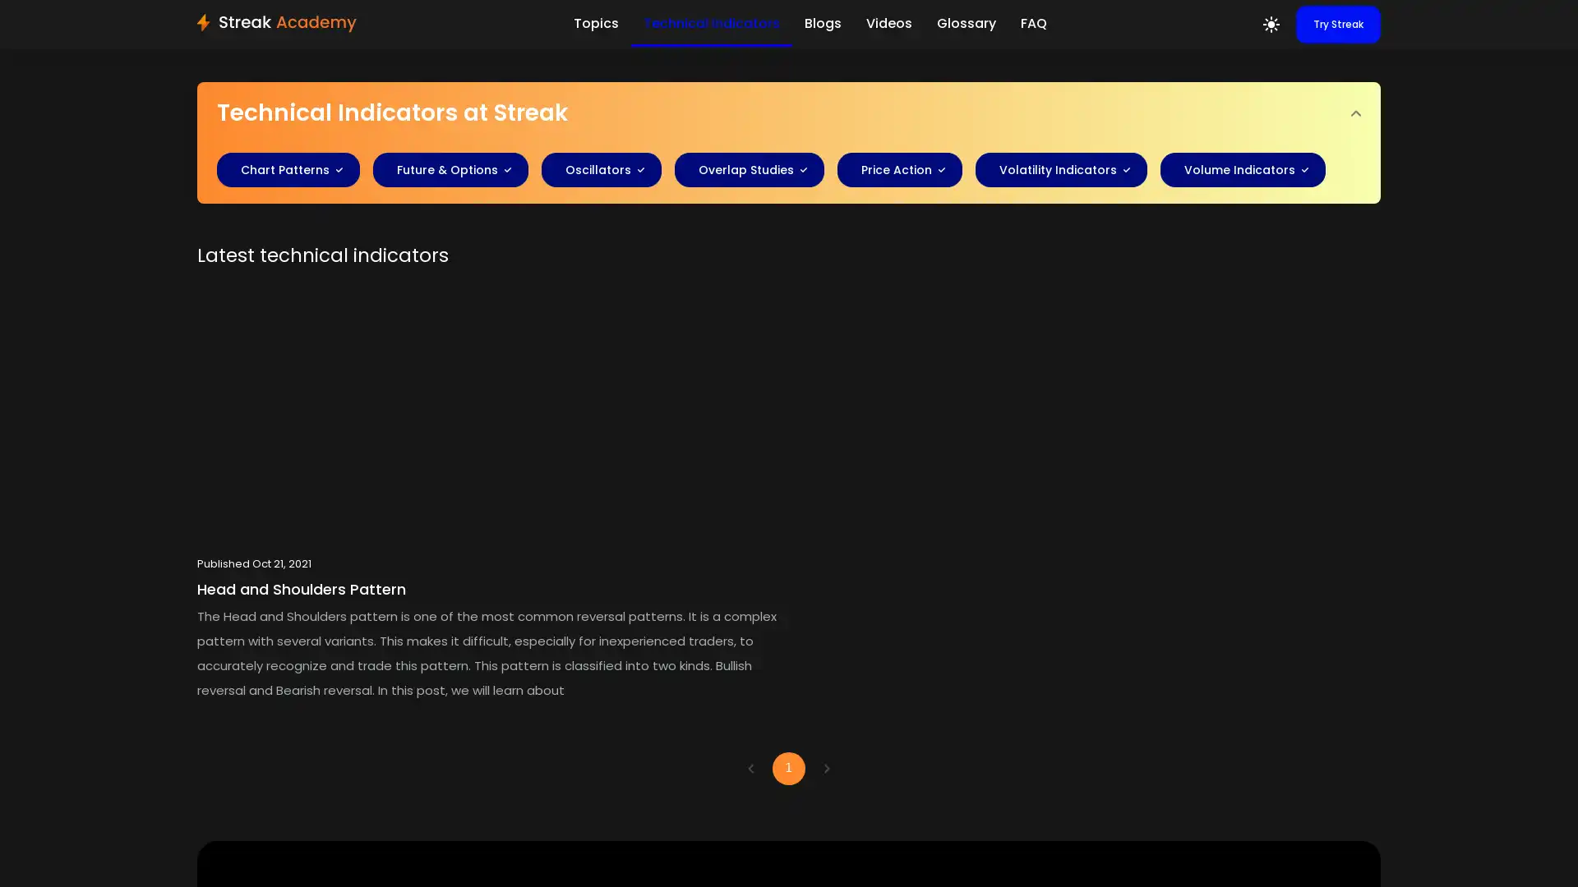 The height and width of the screenshot is (887, 1578). What do you see at coordinates (710, 24) in the screenshot?
I see `Technical Indicators` at bounding box center [710, 24].